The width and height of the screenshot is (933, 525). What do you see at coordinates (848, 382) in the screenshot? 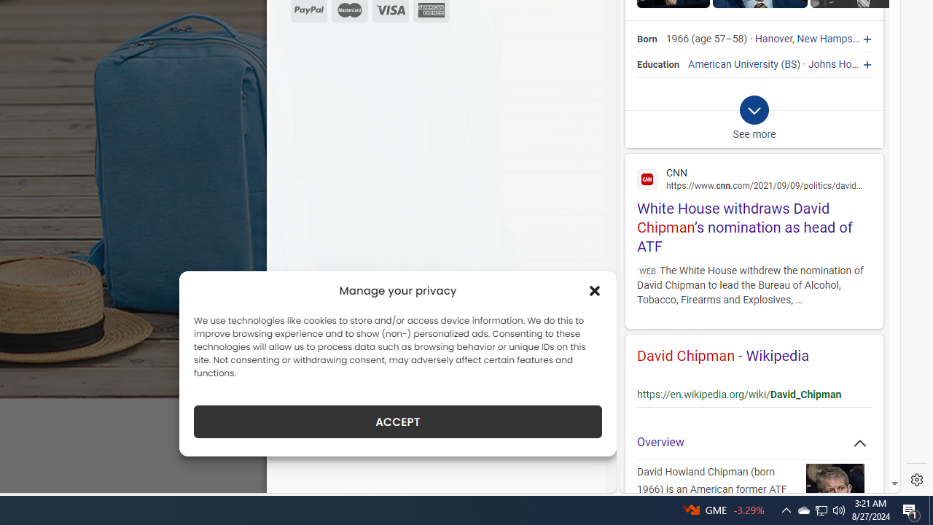
I see `'Actions for this site'` at bounding box center [848, 382].